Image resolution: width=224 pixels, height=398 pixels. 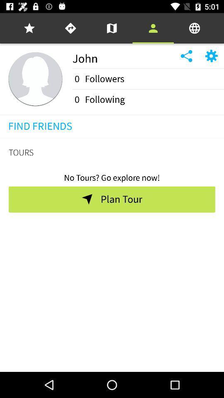 I want to click on icon above the plan tour item, so click(x=112, y=175).